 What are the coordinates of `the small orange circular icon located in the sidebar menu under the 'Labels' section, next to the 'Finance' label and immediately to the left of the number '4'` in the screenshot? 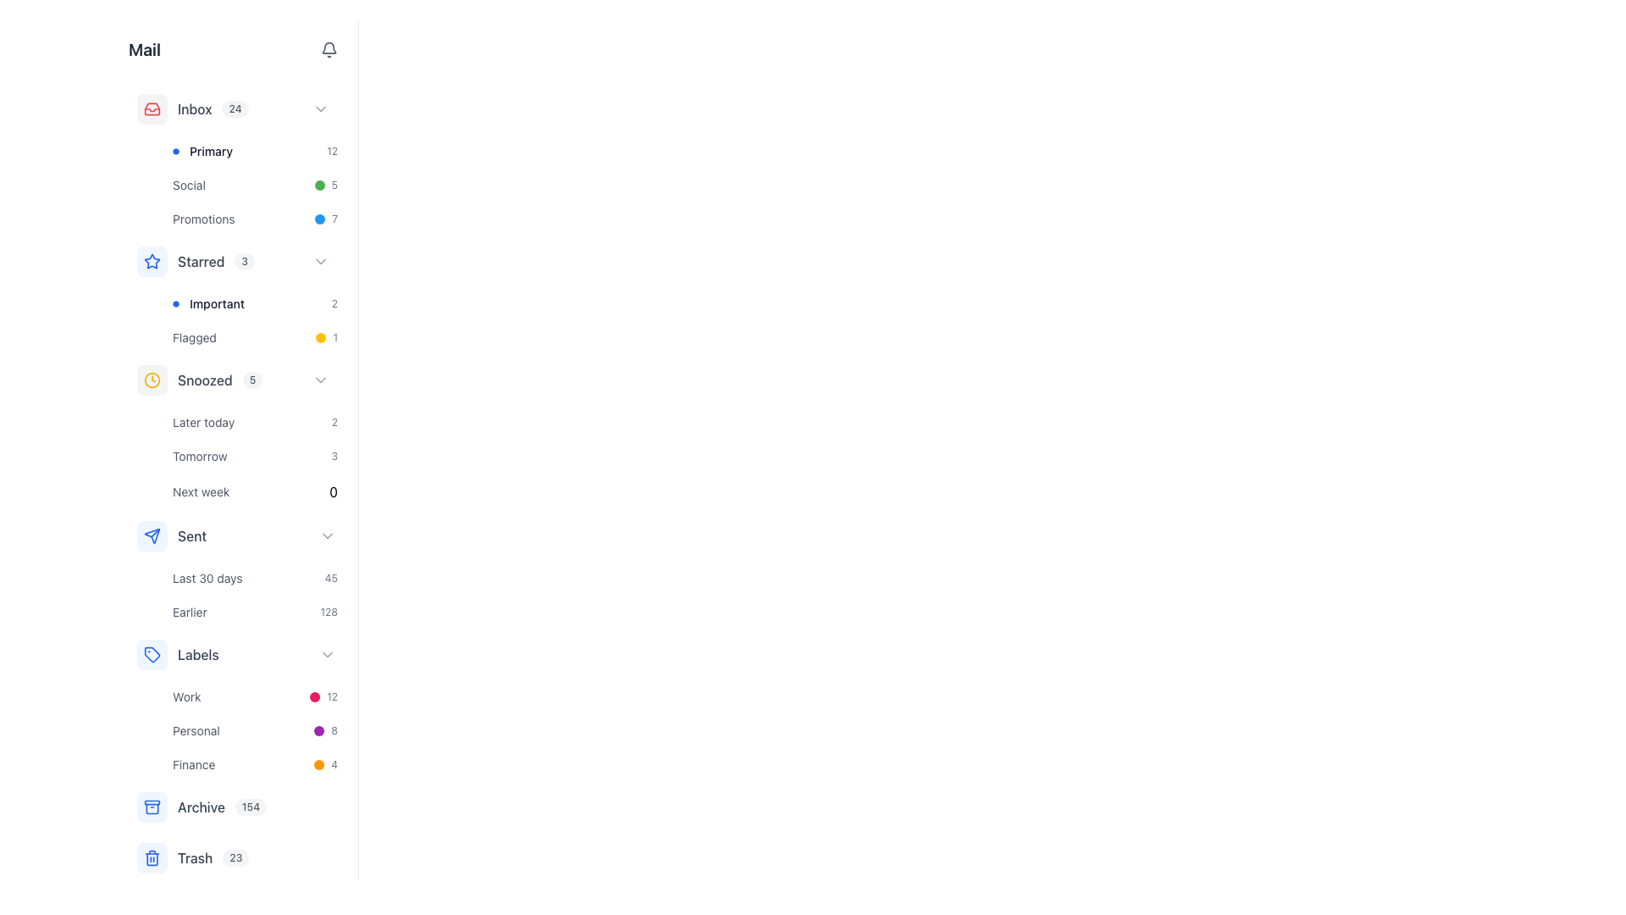 It's located at (319, 764).